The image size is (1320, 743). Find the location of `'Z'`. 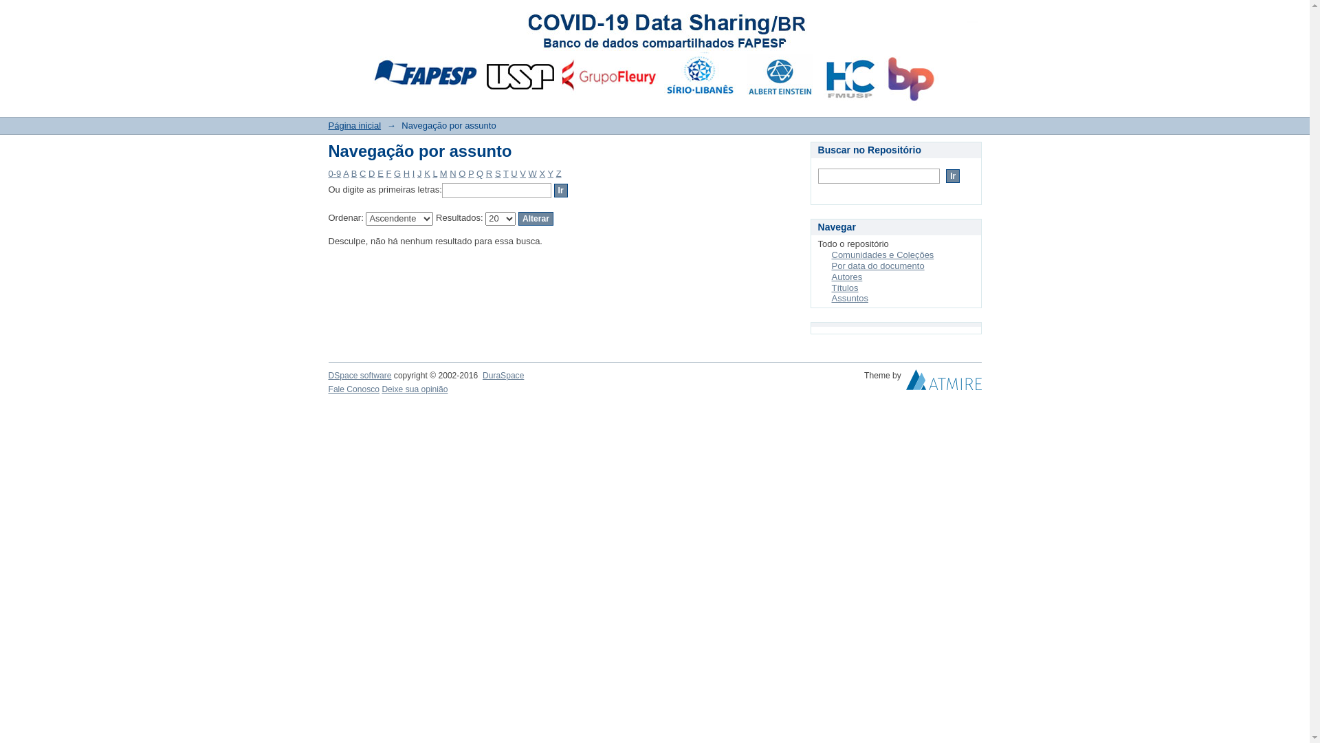

'Z' is located at coordinates (558, 173).